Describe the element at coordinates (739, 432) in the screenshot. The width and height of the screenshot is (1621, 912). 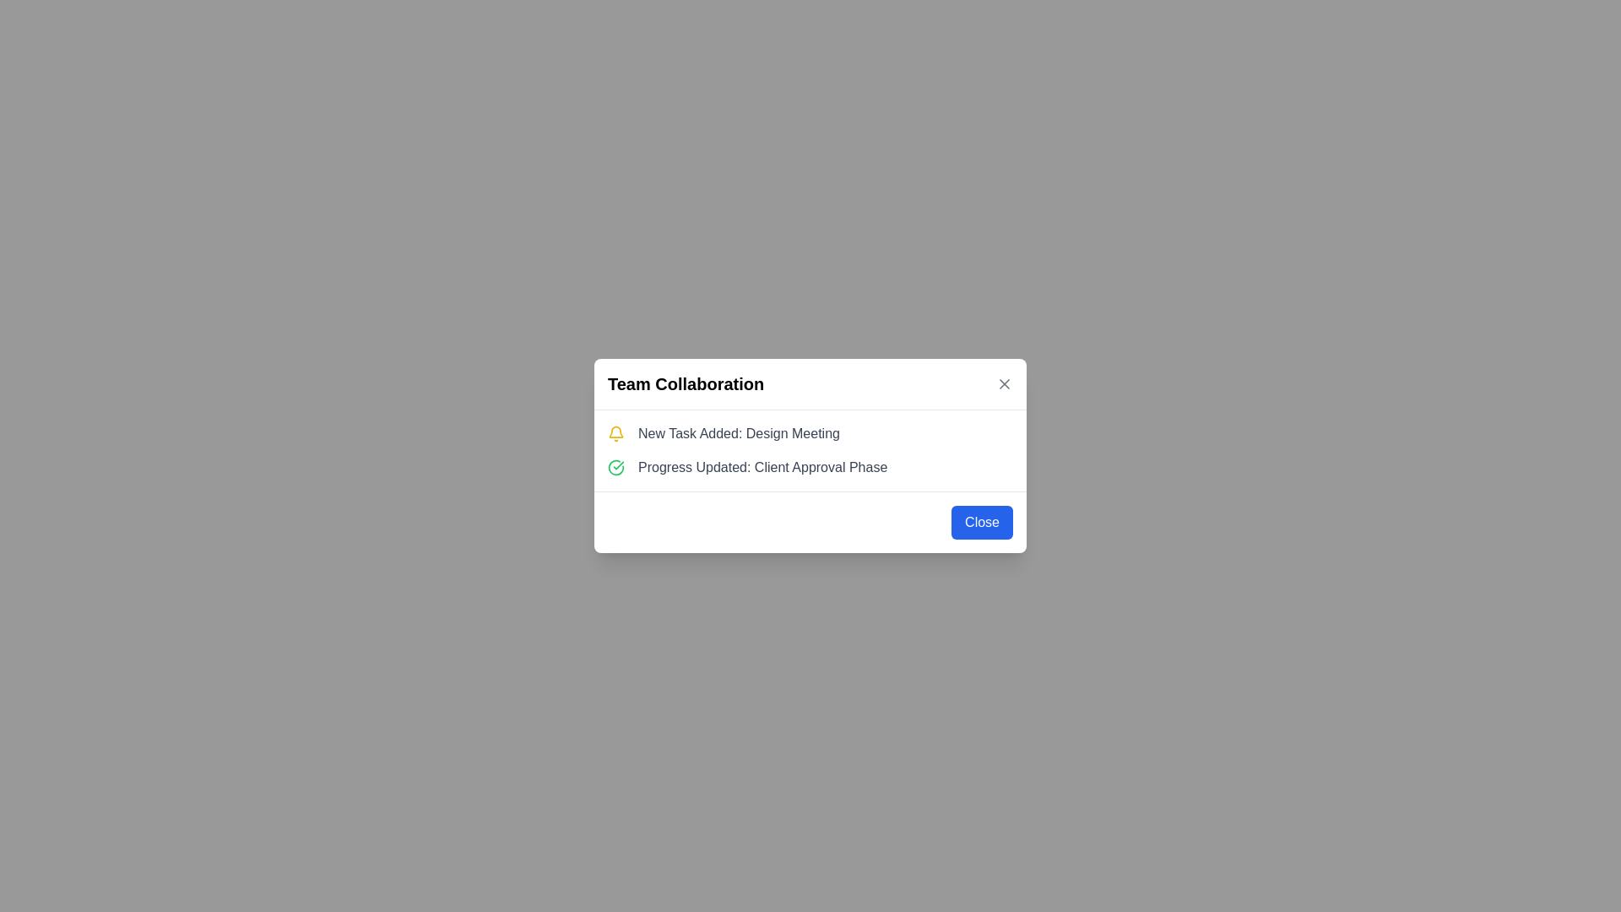
I see `the static text content displaying 'New Task Added: Design Meeting' which is styled in gray and positioned next to a yellow bell icon in the notification list` at that location.